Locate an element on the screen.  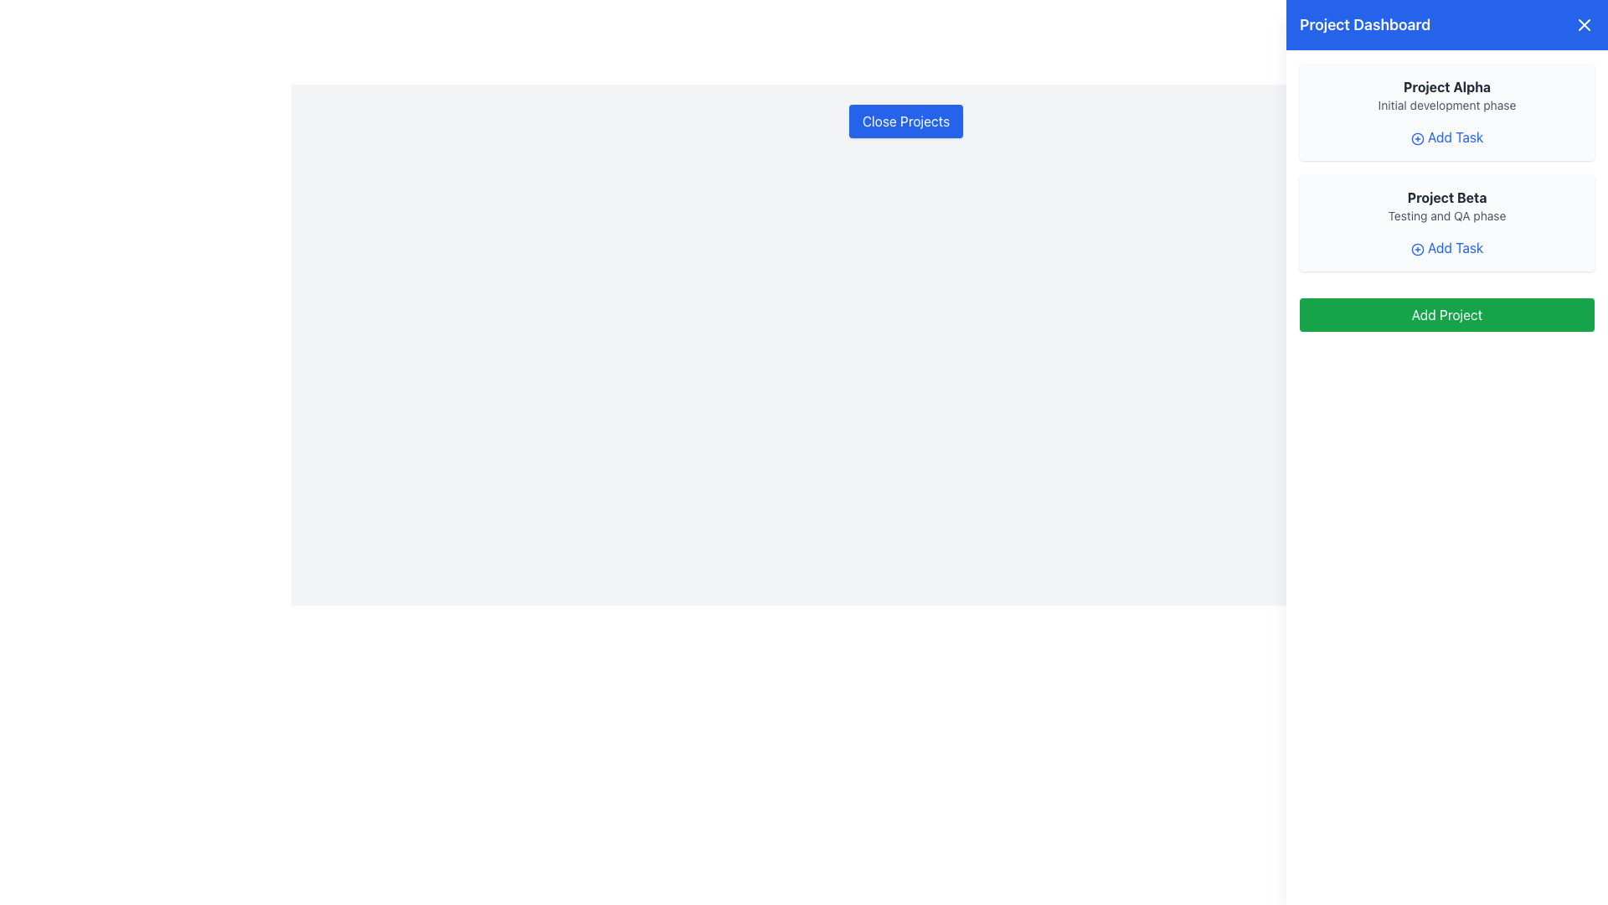
the 'Close Projects' button, which is a rectangular button with a blue background and white text, positioned near the top-center of the interface is located at coordinates (904, 121).